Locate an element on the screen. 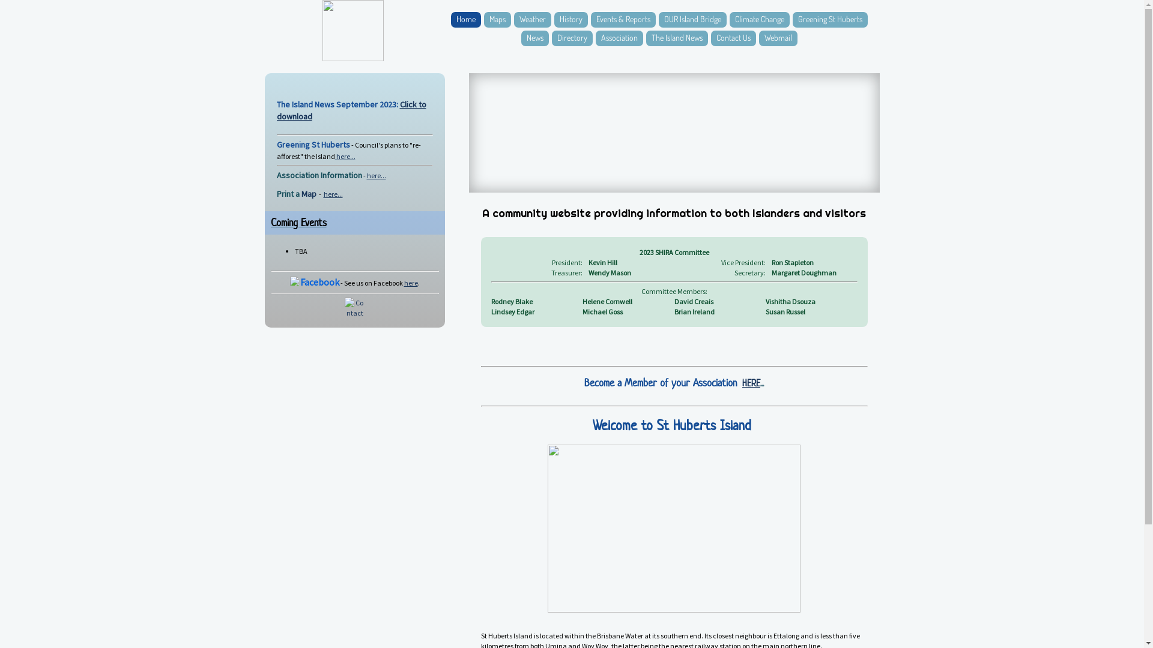 The height and width of the screenshot is (648, 1153). 'Coming Events' is located at coordinates (298, 222).